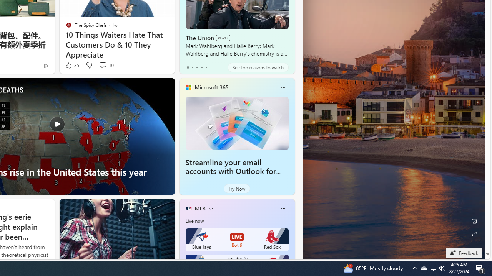  What do you see at coordinates (200, 208) in the screenshot?
I see `'MLB'` at bounding box center [200, 208].